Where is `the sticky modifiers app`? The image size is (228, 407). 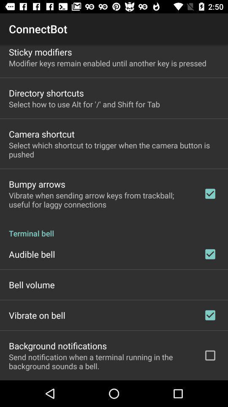
the sticky modifiers app is located at coordinates (40, 51).